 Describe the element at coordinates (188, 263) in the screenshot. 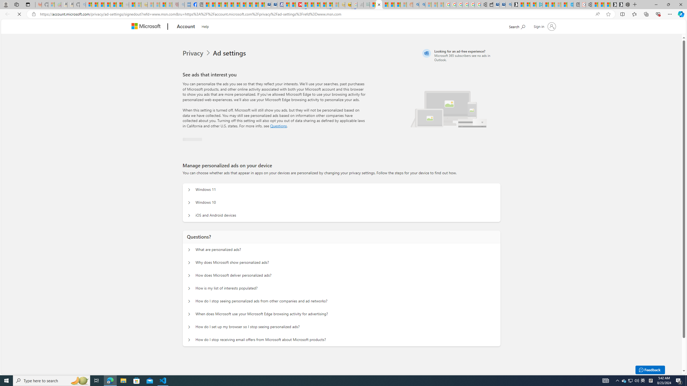

I see `'Questions? Why does Microsoft show personalized ads?'` at that location.